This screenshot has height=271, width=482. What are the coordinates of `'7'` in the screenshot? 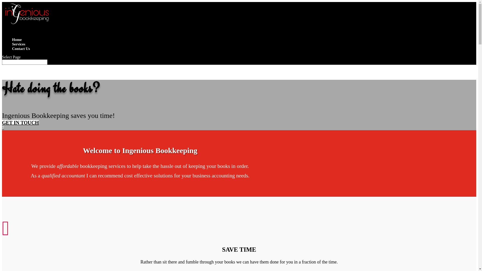 It's located at (3, 127).